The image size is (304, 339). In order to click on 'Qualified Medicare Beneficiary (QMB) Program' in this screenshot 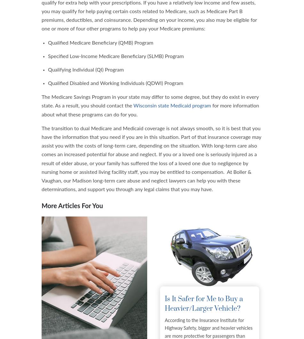, I will do `click(48, 42)`.